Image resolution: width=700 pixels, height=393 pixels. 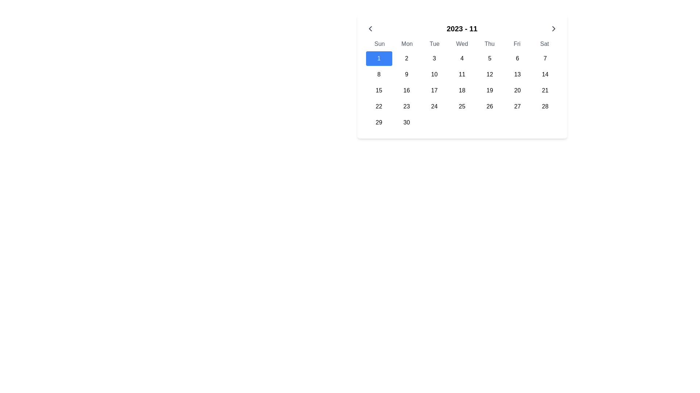 I want to click on the rounded rectangular button displaying the number '4' in black text, so click(x=462, y=58).